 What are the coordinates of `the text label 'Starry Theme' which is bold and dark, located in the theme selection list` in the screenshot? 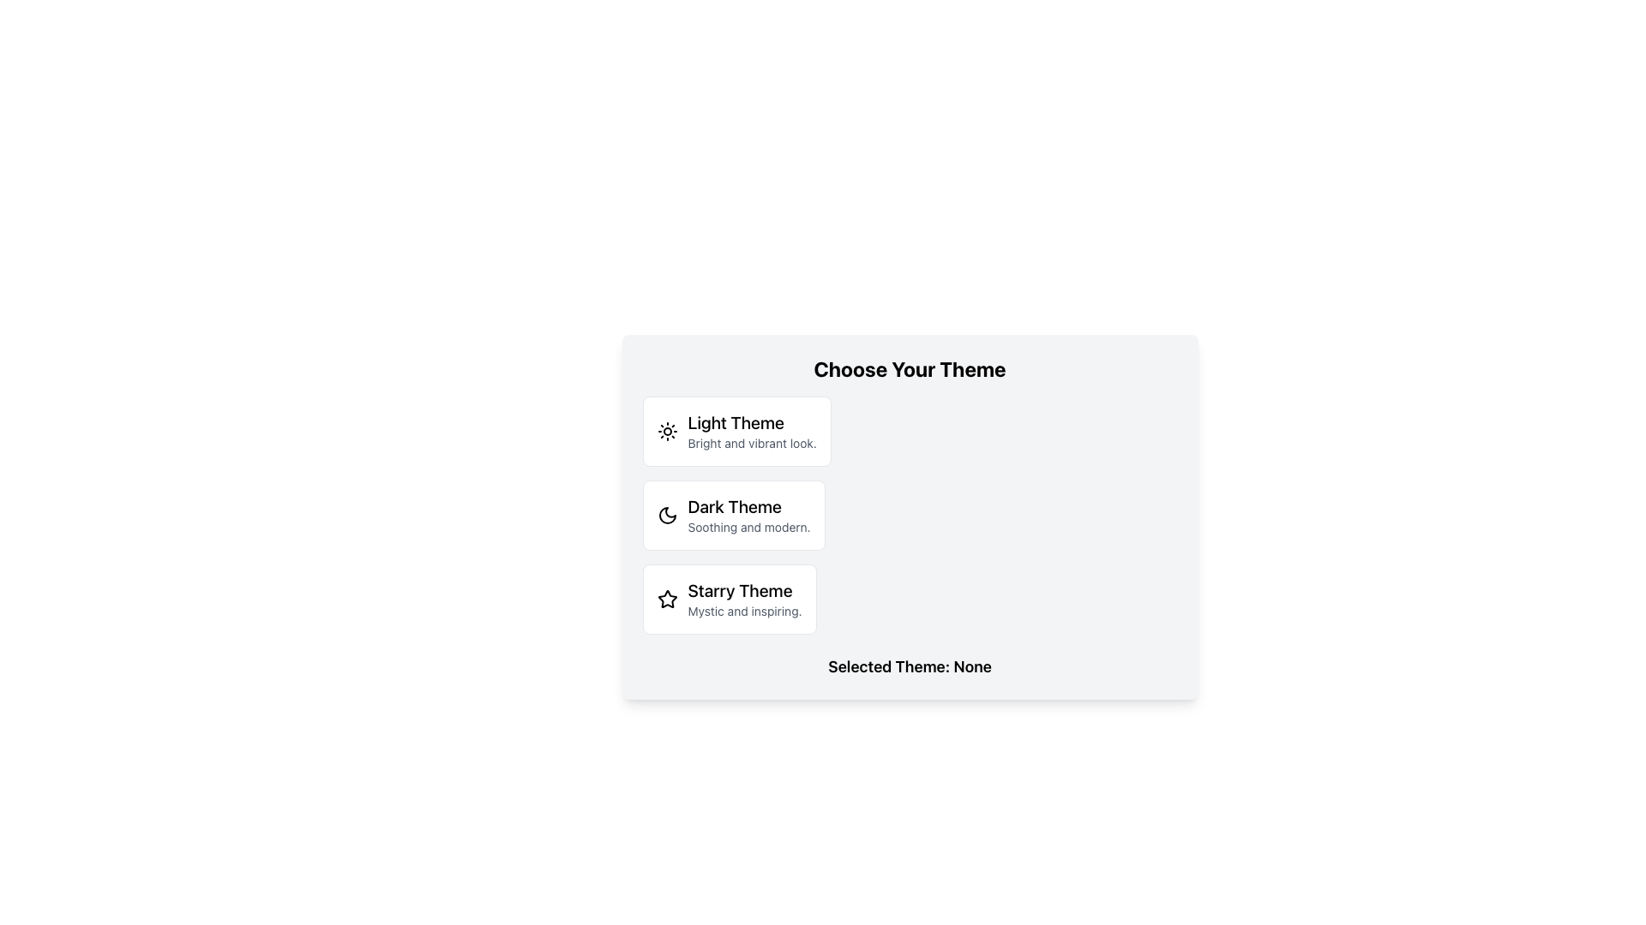 It's located at (744, 590).